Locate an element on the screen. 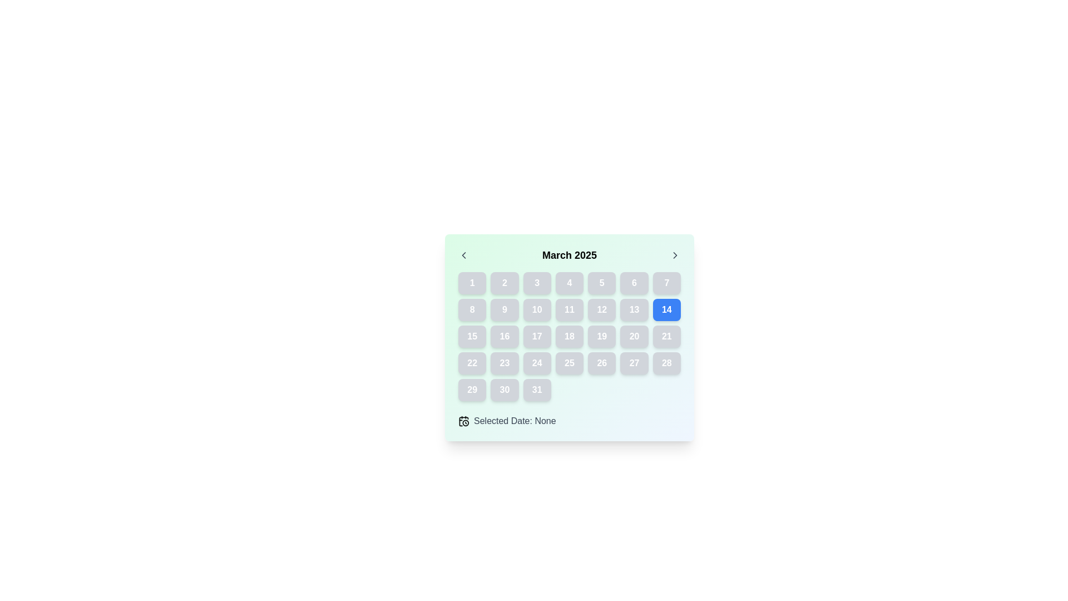  the date selector button for the 14th day in the calendar interface, located in the second row and seventh column, between the '13' and '15' buttons is located at coordinates (666, 309).